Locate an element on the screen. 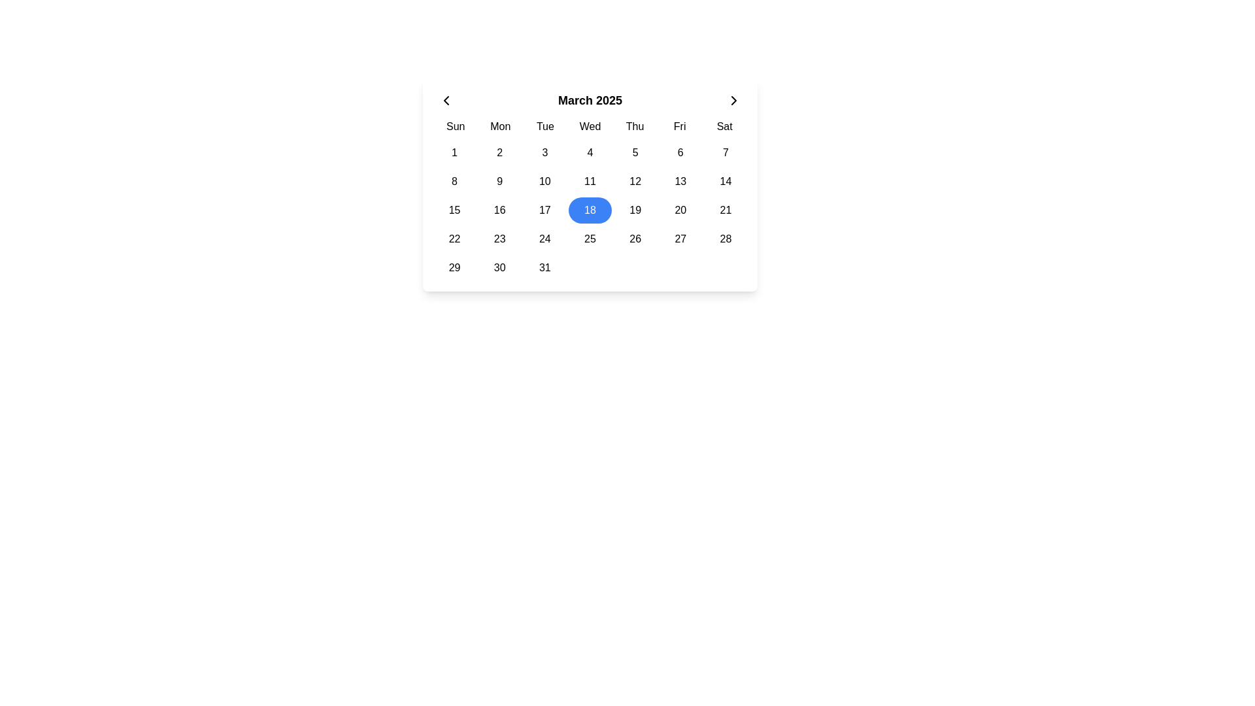 The height and width of the screenshot is (706, 1255). the first button in the calendar month located in the top-left corner of the 7x7 grid under the 'Sun' column header is located at coordinates (454, 152).